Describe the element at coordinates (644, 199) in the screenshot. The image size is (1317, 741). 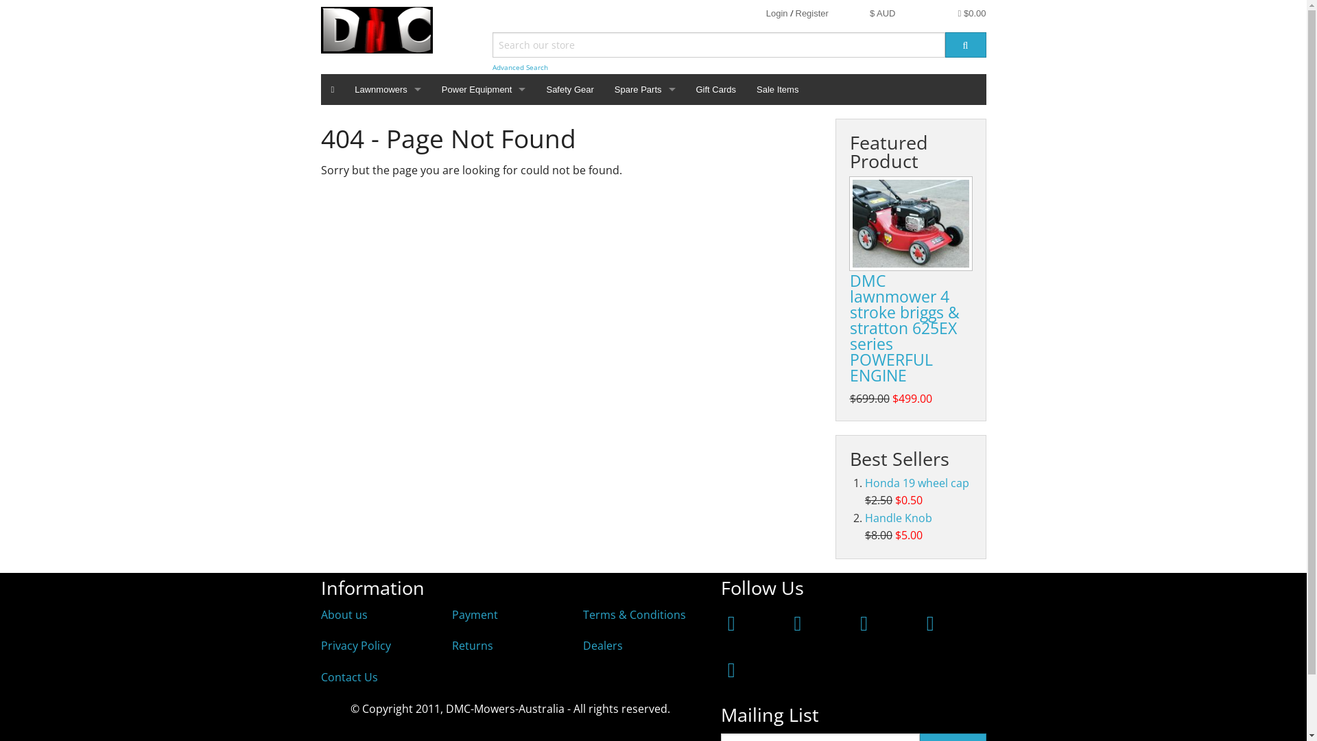
I see `'Cables & Controls'` at that location.